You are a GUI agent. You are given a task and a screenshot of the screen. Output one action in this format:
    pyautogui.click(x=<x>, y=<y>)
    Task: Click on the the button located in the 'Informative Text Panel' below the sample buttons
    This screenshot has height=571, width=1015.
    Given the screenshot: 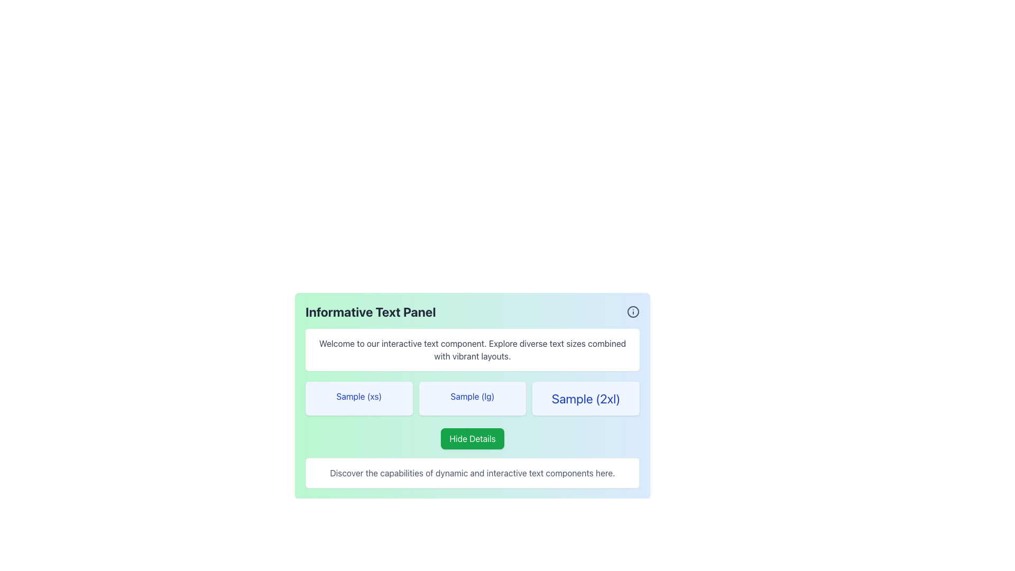 What is the action you would take?
    pyautogui.click(x=472, y=438)
    